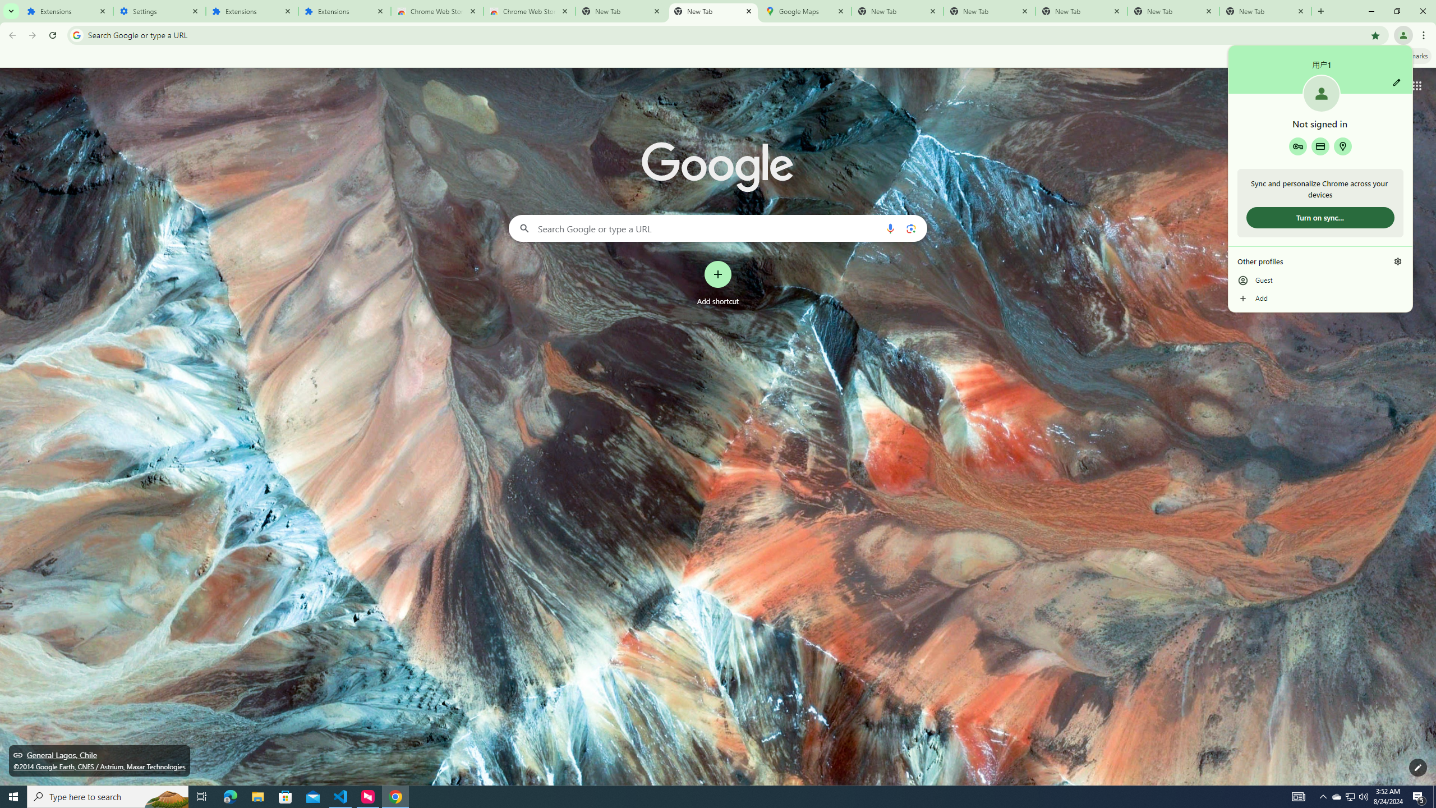  What do you see at coordinates (159, 11) in the screenshot?
I see `'Settings'` at bounding box center [159, 11].